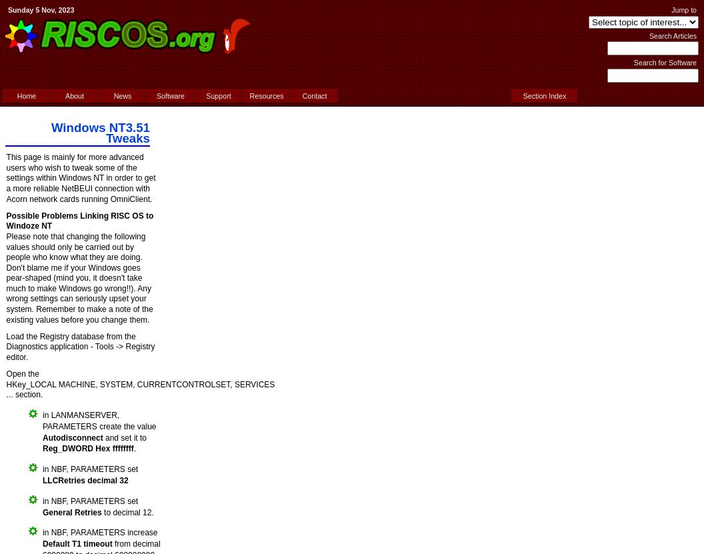  I want to click on 'Autodisconnect', so click(42, 437).